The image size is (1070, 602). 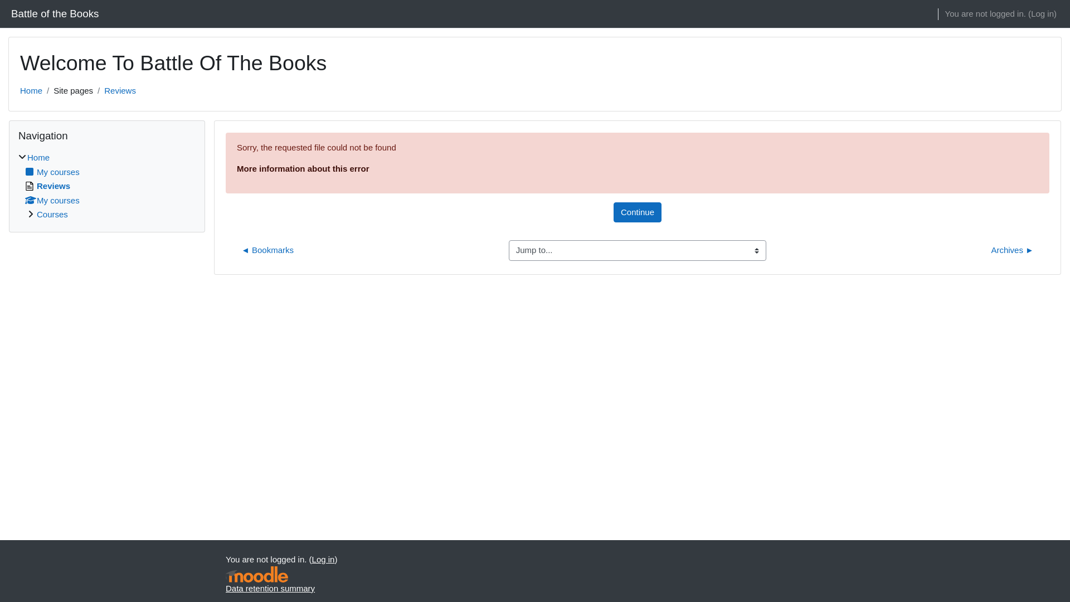 What do you see at coordinates (637, 212) in the screenshot?
I see `'Continue'` at bounding box center [637, 212].